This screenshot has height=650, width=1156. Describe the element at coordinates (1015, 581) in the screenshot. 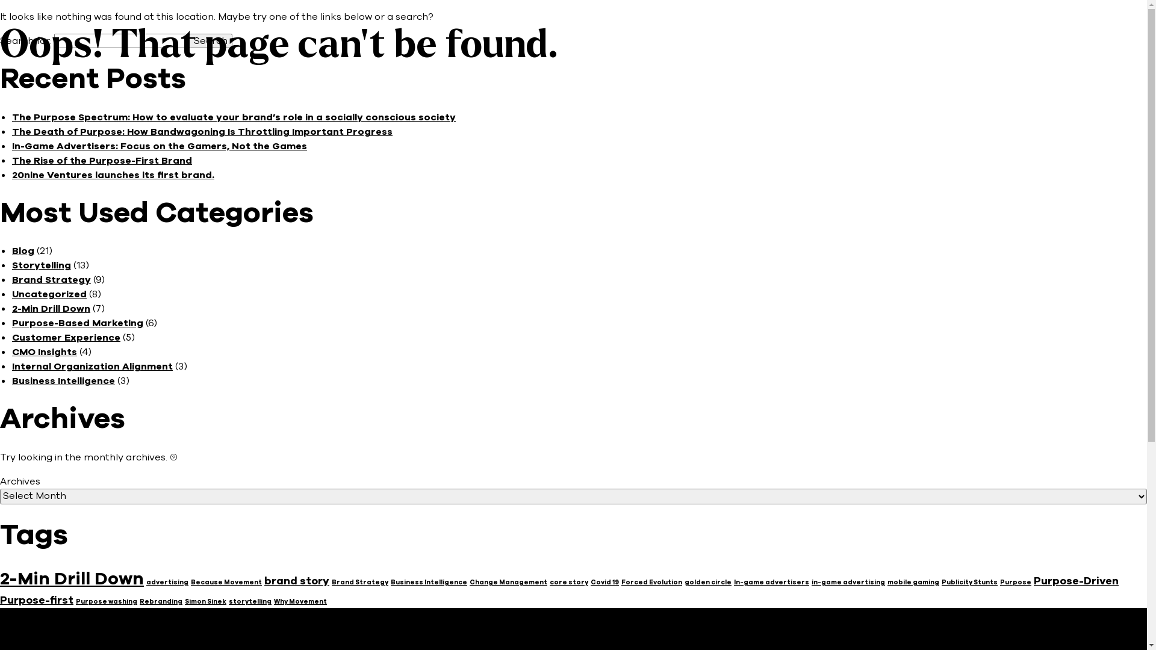

I see `'Purpose'` at that location.